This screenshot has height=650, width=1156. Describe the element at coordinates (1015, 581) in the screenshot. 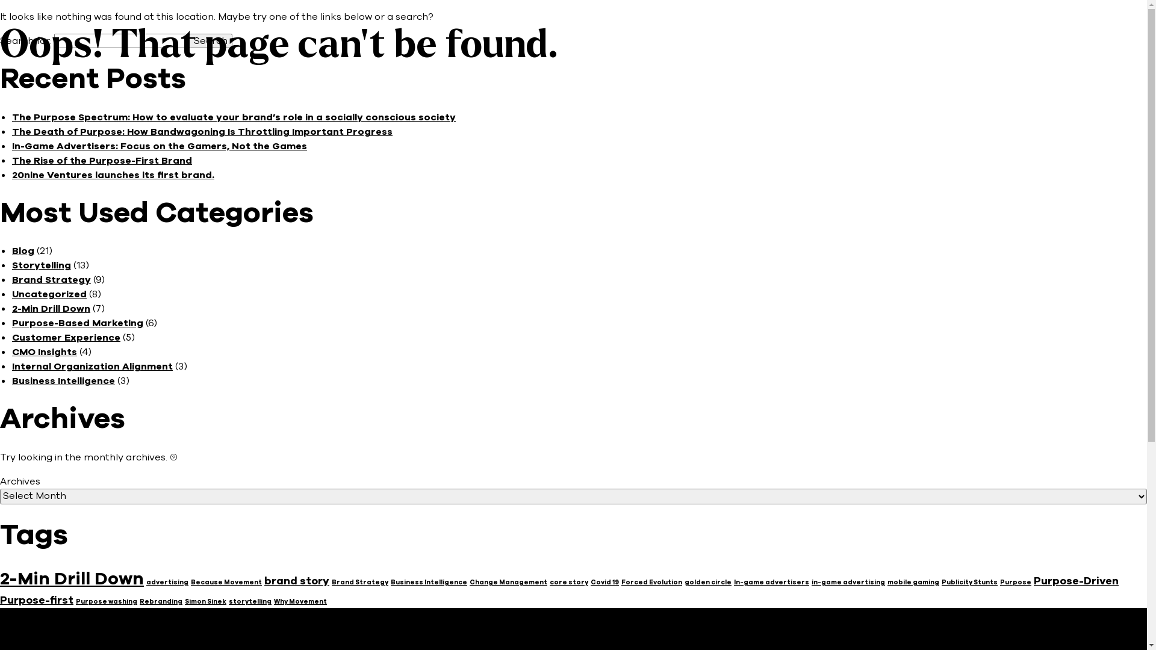

I see `'Purpose'` at that location.